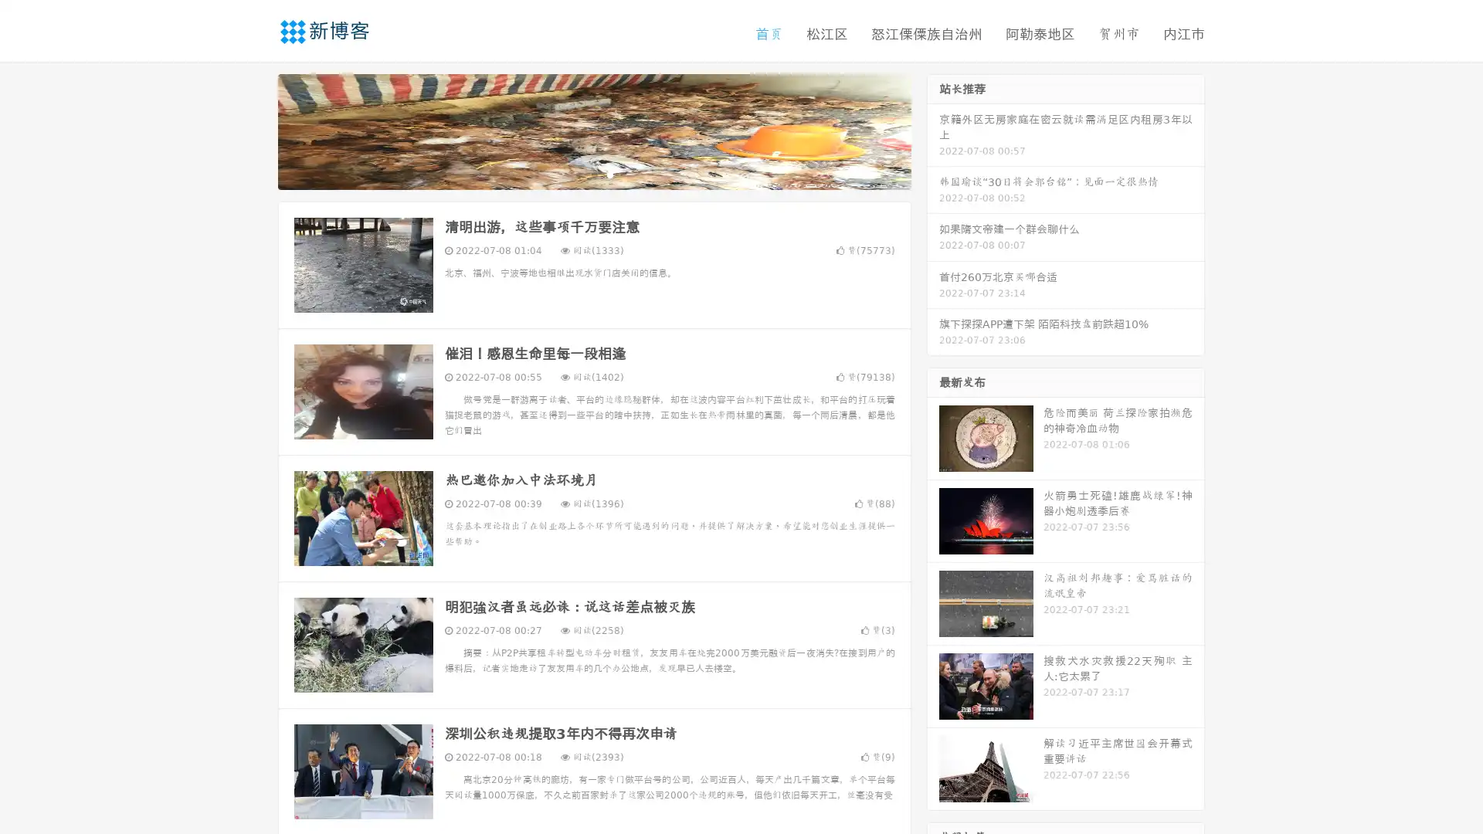 The height and width of the screenshot is (834, 1483). Describe the element at coordinates (578, 174) in the screenshot. I see `Go to slide 1` at that location.